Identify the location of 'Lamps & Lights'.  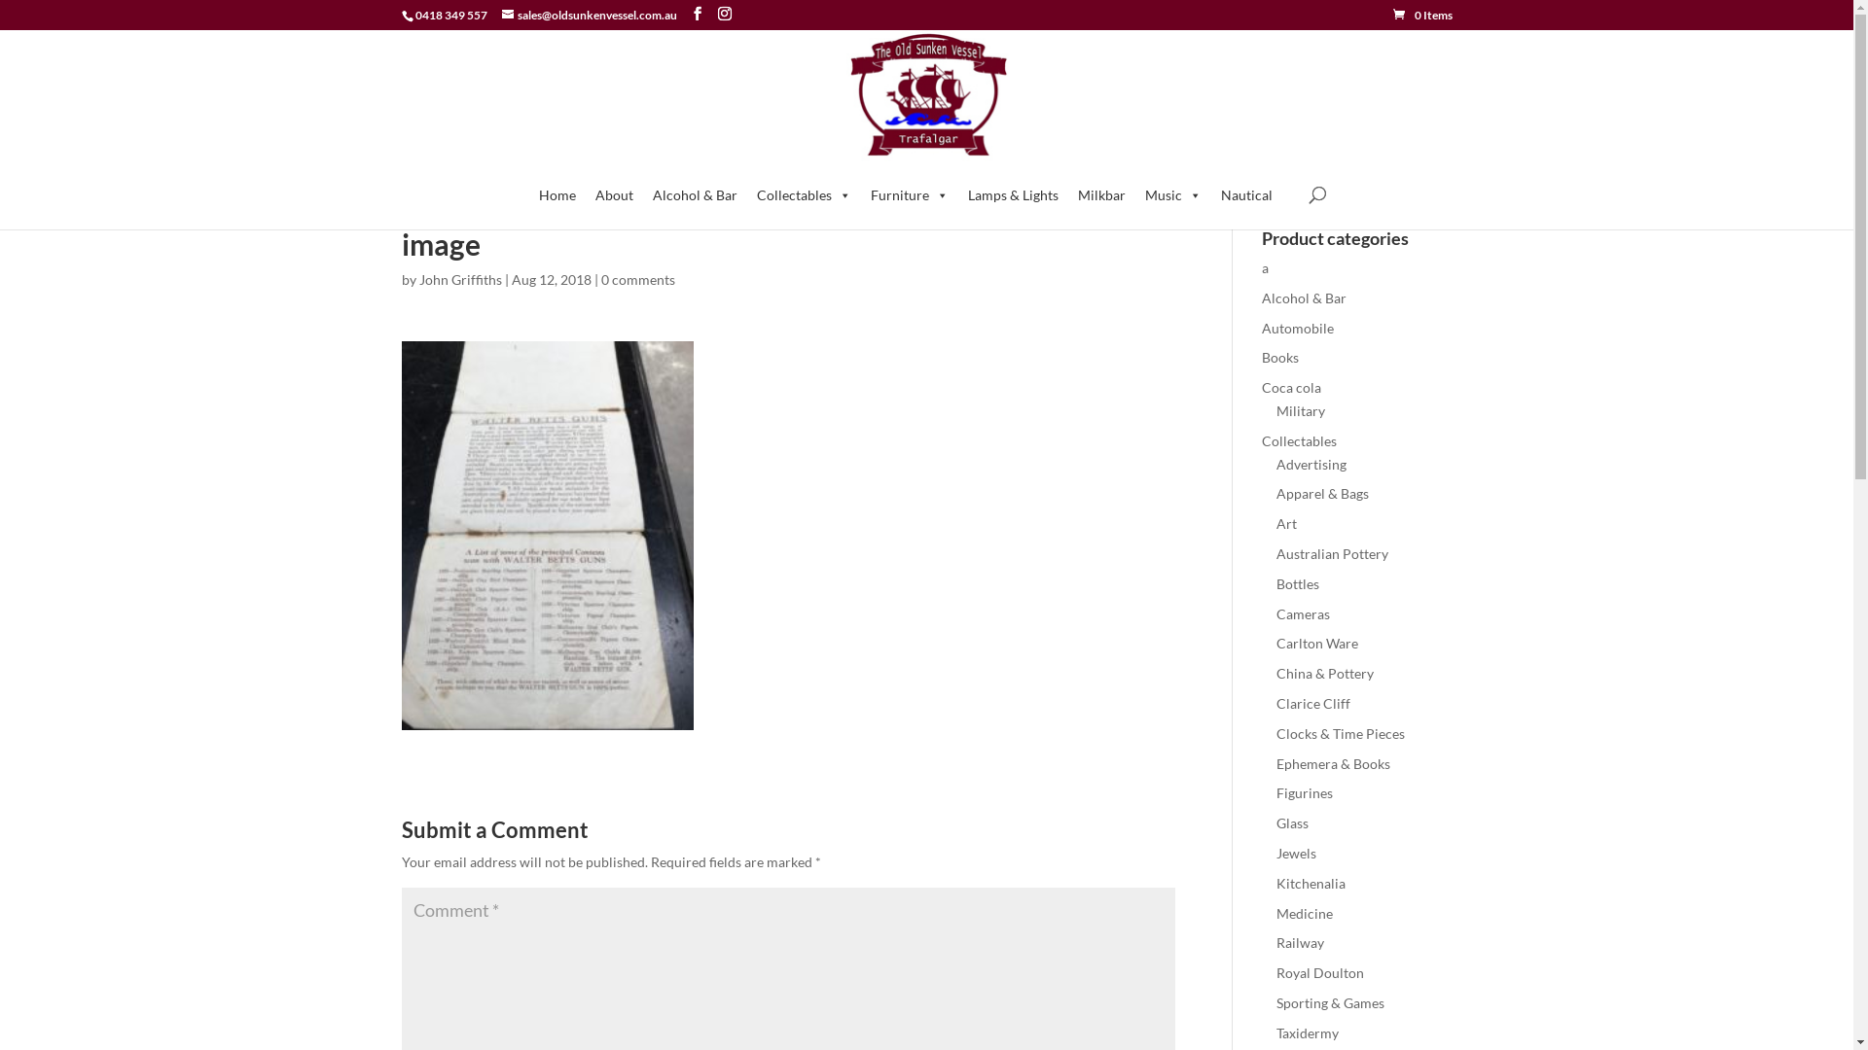
(1012, 194).